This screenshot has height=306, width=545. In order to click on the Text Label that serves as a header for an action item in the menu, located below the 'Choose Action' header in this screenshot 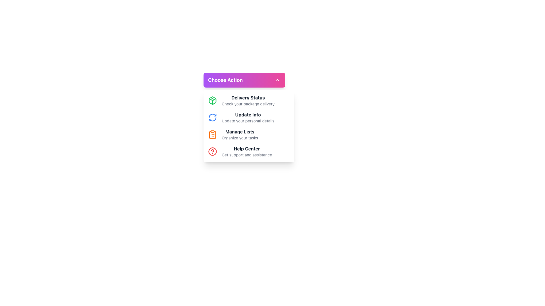, I will do `click(248, 115)`.